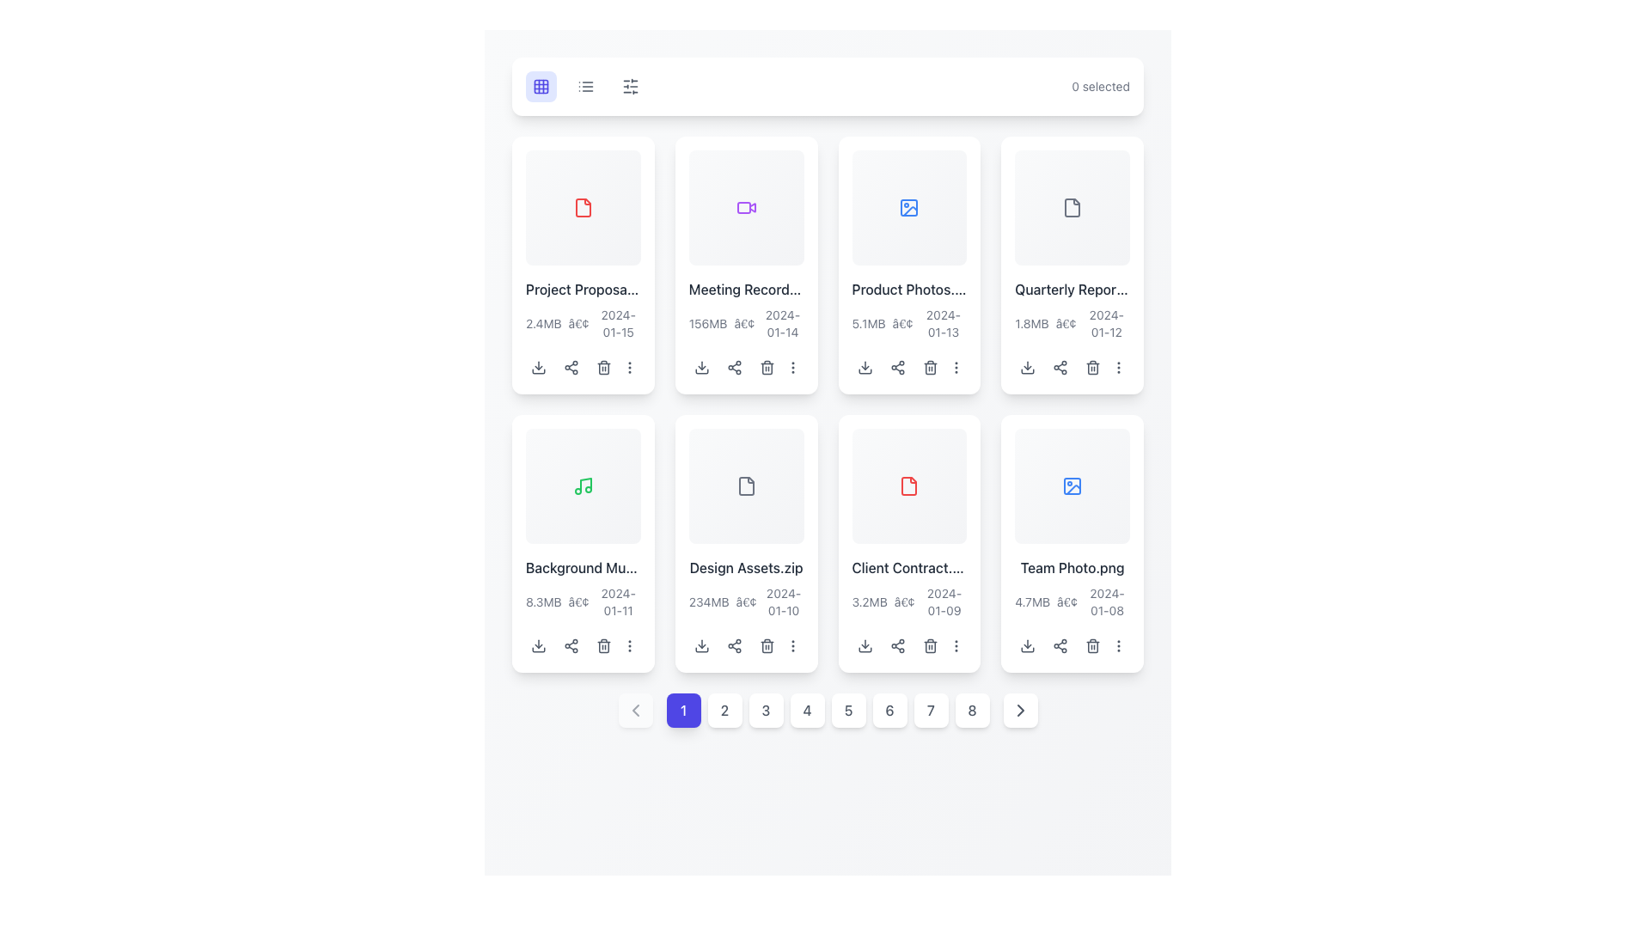 The height and width of the screenshot is (928, 1650). Describe the element at coordinates (896, 645) in the screenshot. I see `the share button, which is the second button in a horizontal group beneath the 'Client Contract.pdf' document card, featuring a gray share icon with connected circular nodes` at that location.